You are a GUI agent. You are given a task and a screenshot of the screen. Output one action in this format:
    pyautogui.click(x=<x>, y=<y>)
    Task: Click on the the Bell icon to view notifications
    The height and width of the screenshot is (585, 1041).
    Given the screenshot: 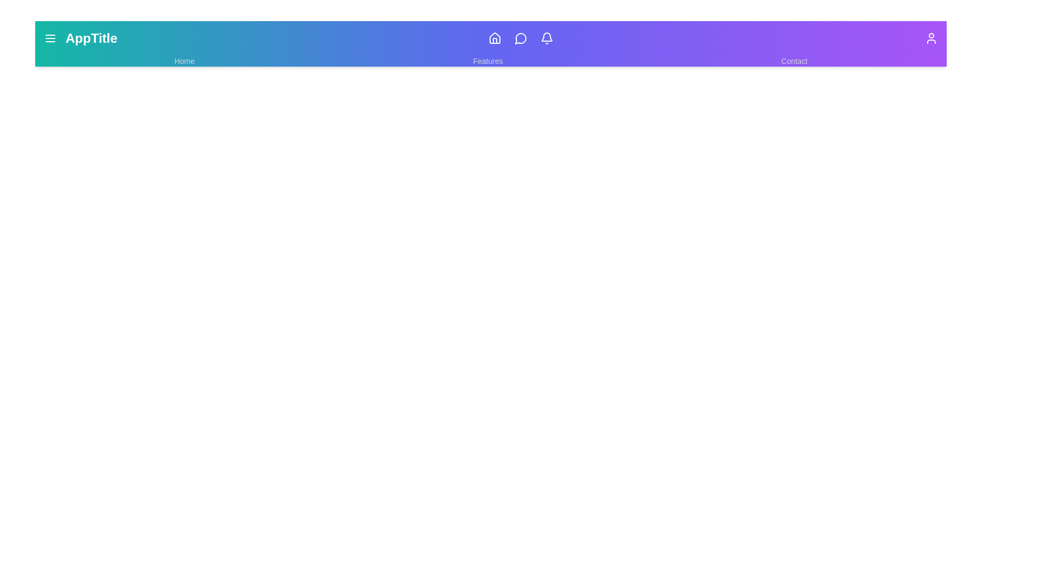 What is the action you would take?
    pyautogui.click(x=547, y=37)
    